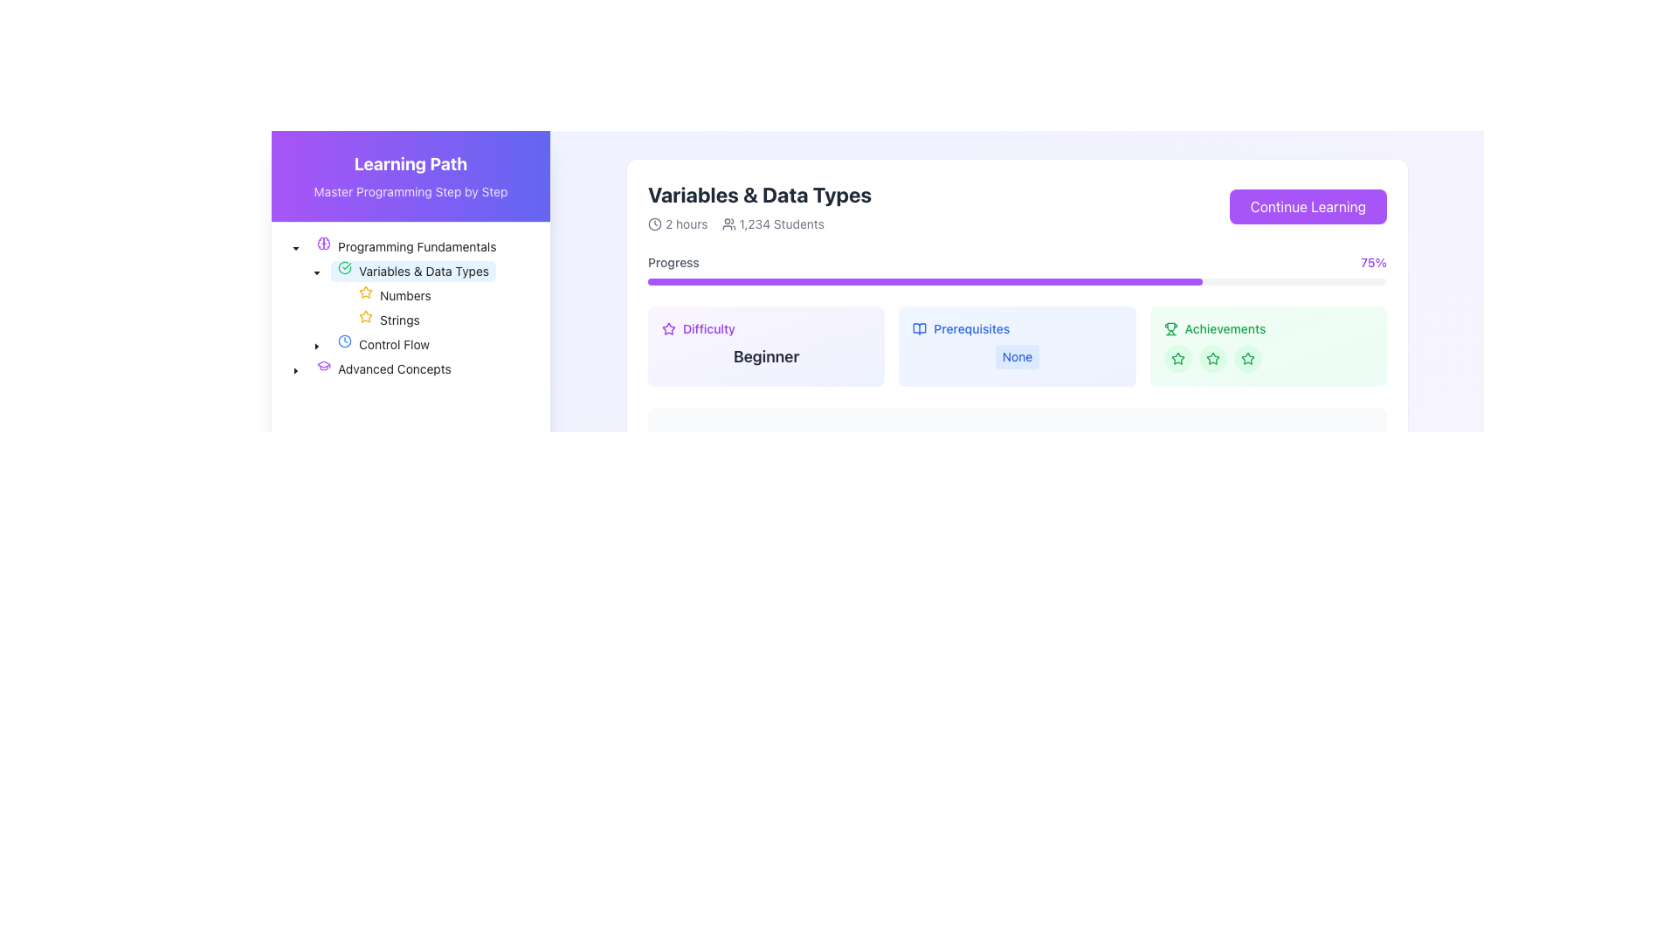 This screenshot has width=1677, height=943. What do you see at coordinates (364, 316) in the screenshot?
I see `the small, yellow, outlined star icon located to the left of the text 'Numbers' in the 'Variables & Data Types' section of the 'Programming Fundamentals' menu` at bounding box center [364, 316].